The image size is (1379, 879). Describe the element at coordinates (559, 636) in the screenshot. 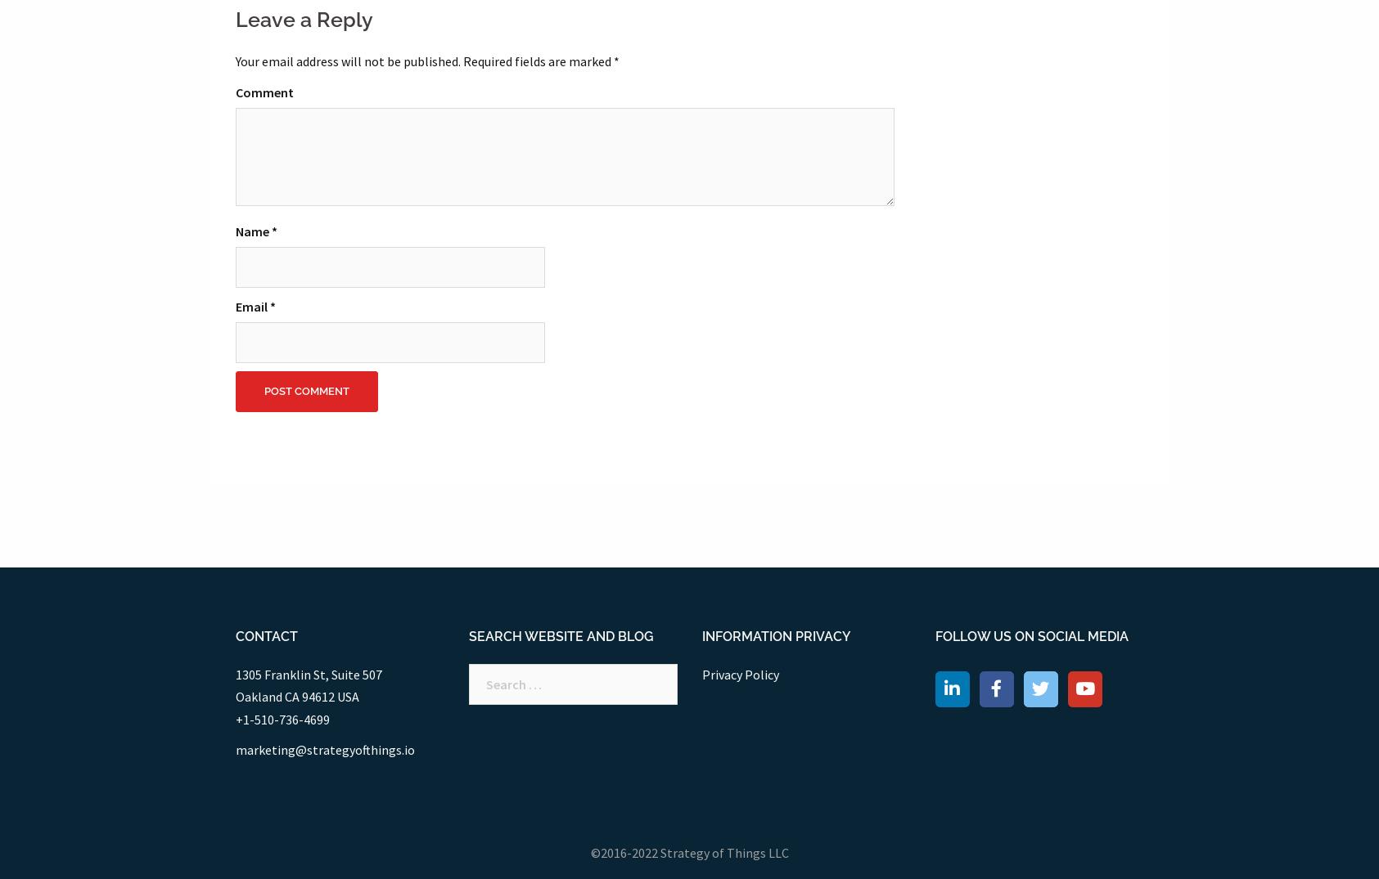

I see `'Search website and blog'` at that location.